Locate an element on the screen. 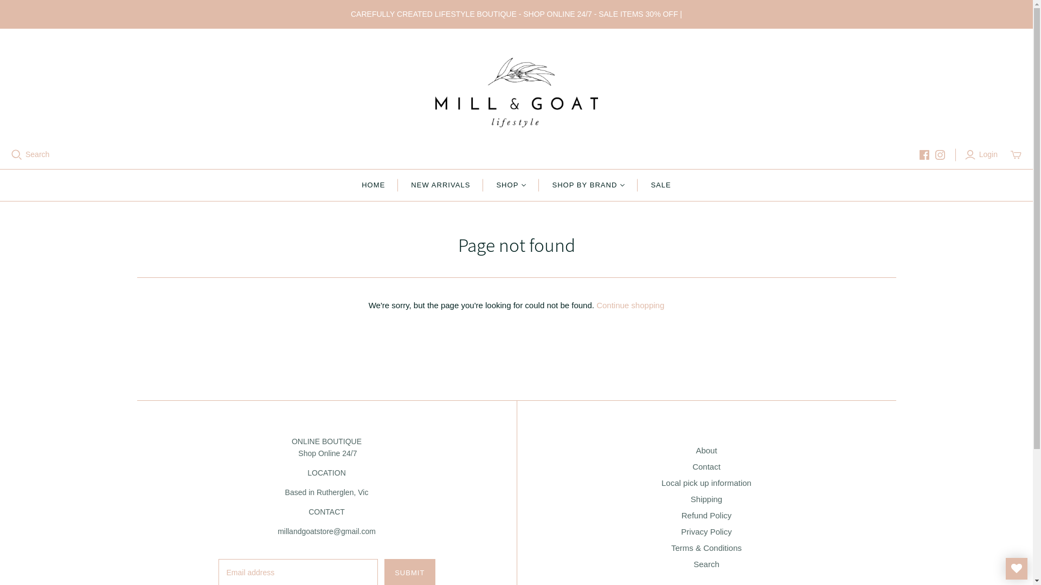 The width and height of the screenshot is (1041, 585). 'Contact' is located at coordinates (691, 466).